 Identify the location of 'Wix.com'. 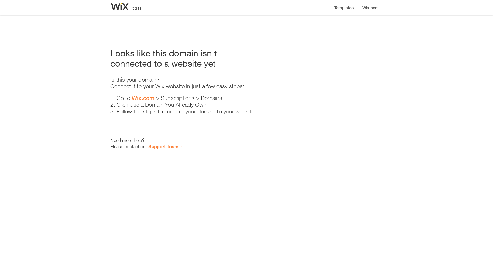
(132, 98).